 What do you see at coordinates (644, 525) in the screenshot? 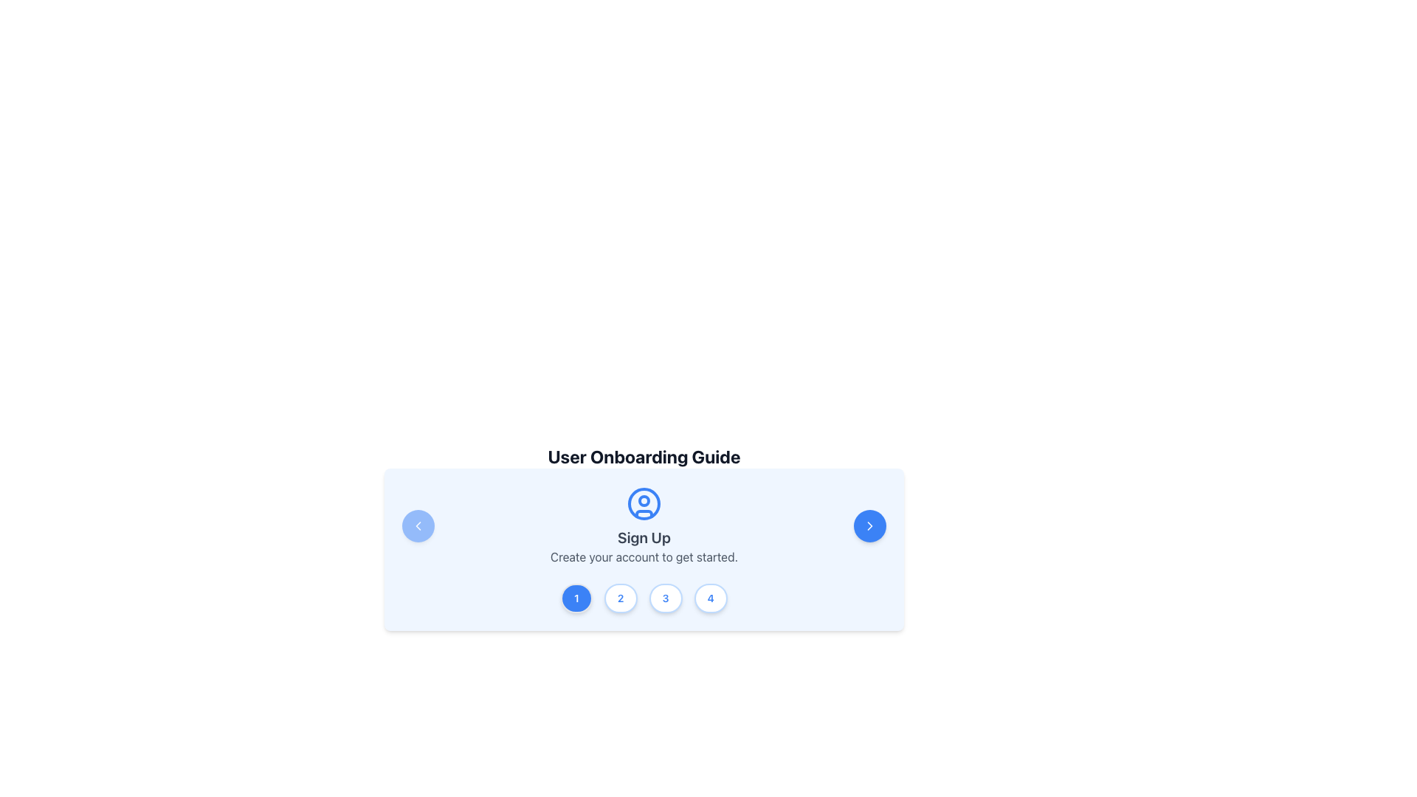
I see `the static informational block that serves as a call-to-action section for signing up, which is centered between the navigation arrows and above the numbered buttons` at bounding box center [644, 525].